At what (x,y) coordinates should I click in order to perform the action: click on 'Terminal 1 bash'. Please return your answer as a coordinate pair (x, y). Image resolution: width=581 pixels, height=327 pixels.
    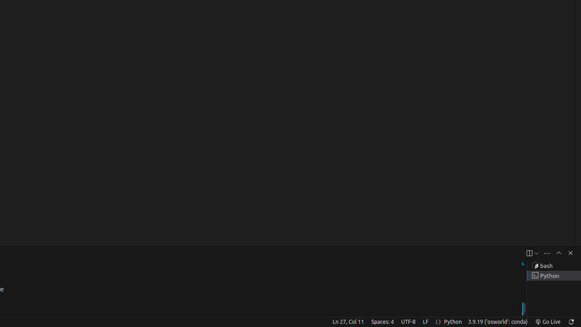
    Looking at the image, I should click on (553, 266).